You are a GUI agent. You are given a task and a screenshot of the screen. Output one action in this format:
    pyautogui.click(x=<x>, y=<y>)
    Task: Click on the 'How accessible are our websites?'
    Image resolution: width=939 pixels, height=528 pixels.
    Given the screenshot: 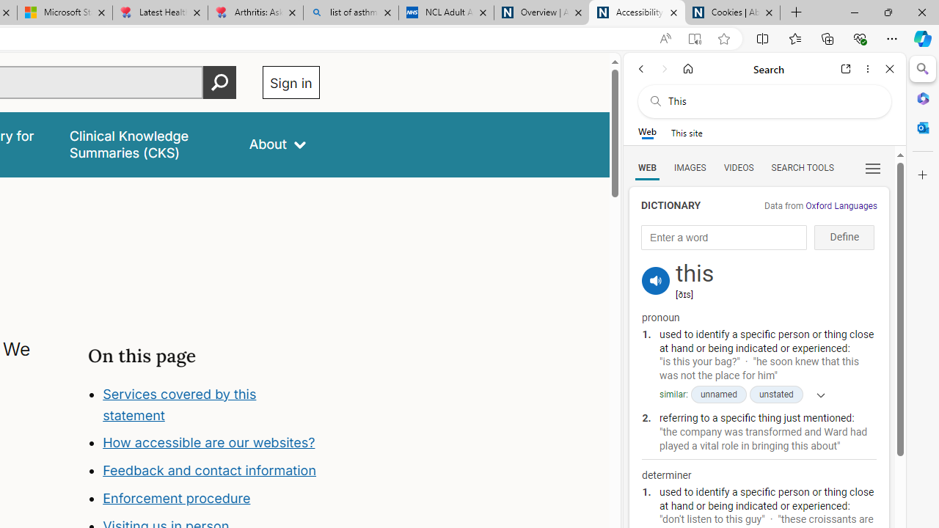 What is the action you would take?
    pyautogui.click(x=208, y=442)
    